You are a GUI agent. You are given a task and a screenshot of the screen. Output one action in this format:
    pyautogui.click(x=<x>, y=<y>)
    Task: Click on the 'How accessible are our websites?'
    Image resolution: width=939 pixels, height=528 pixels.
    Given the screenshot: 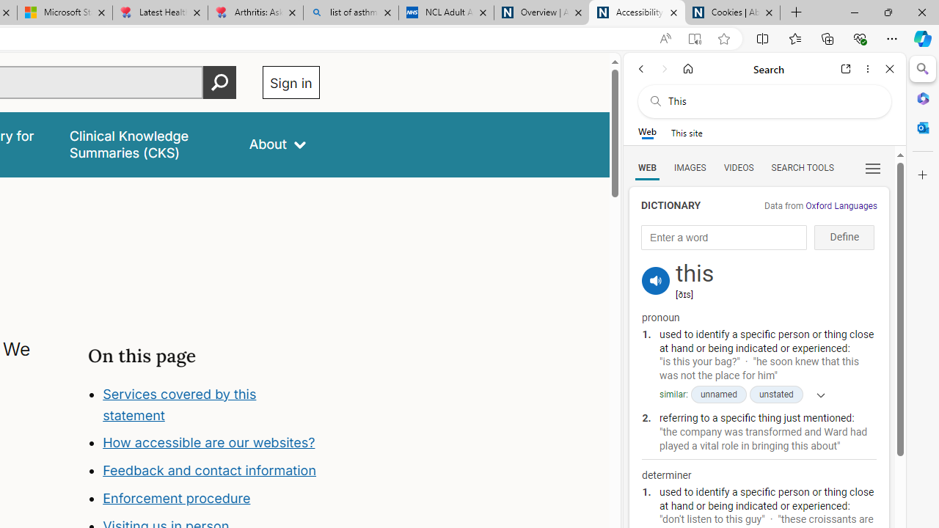 What is the action you would take?
    pyautogui.click(x=208, y=442)
    